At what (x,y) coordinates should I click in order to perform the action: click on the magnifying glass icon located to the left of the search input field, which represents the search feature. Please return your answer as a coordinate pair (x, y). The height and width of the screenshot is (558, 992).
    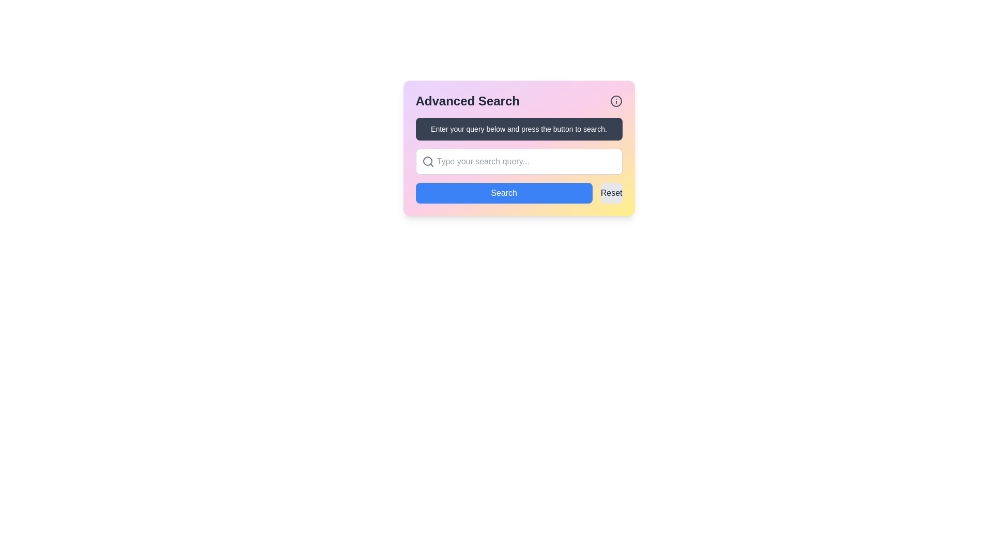
    Looking at the image, I should click on (428, 161).